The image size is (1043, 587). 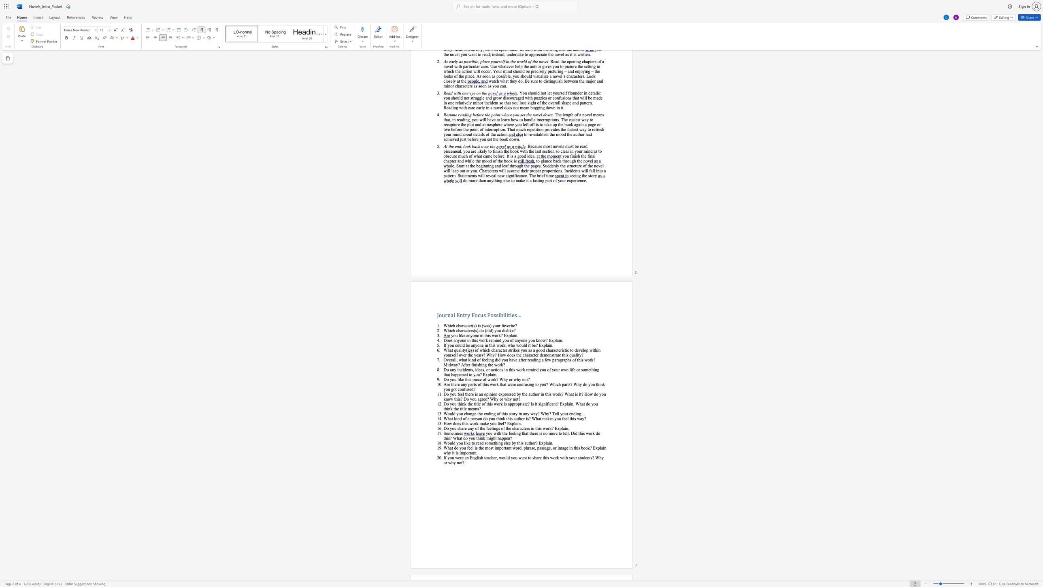 What do you see at coordinates (556, 384) in the screenshot?
I see `the subset text "ch parts? Why do you think you got con" within the text "Are there any parts of this work that were confusing to you? Which parts? Why do you think you got confused?"` at bounding box center [556, 384].